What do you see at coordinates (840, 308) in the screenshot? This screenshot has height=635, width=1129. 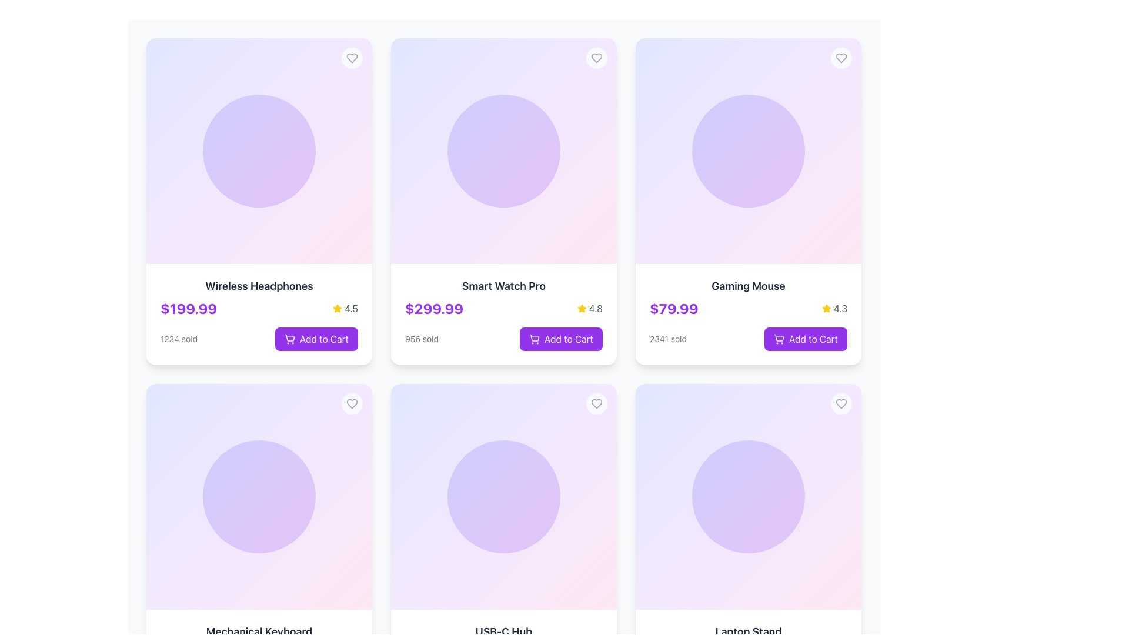 I see `the text label displaying the numeric rating '4.3' in gray color, part of a group with a yellow star icon, located near the bottom-right corner of the 'Gaming Mouse' card for accessibility` at bounding box center [840, 308].